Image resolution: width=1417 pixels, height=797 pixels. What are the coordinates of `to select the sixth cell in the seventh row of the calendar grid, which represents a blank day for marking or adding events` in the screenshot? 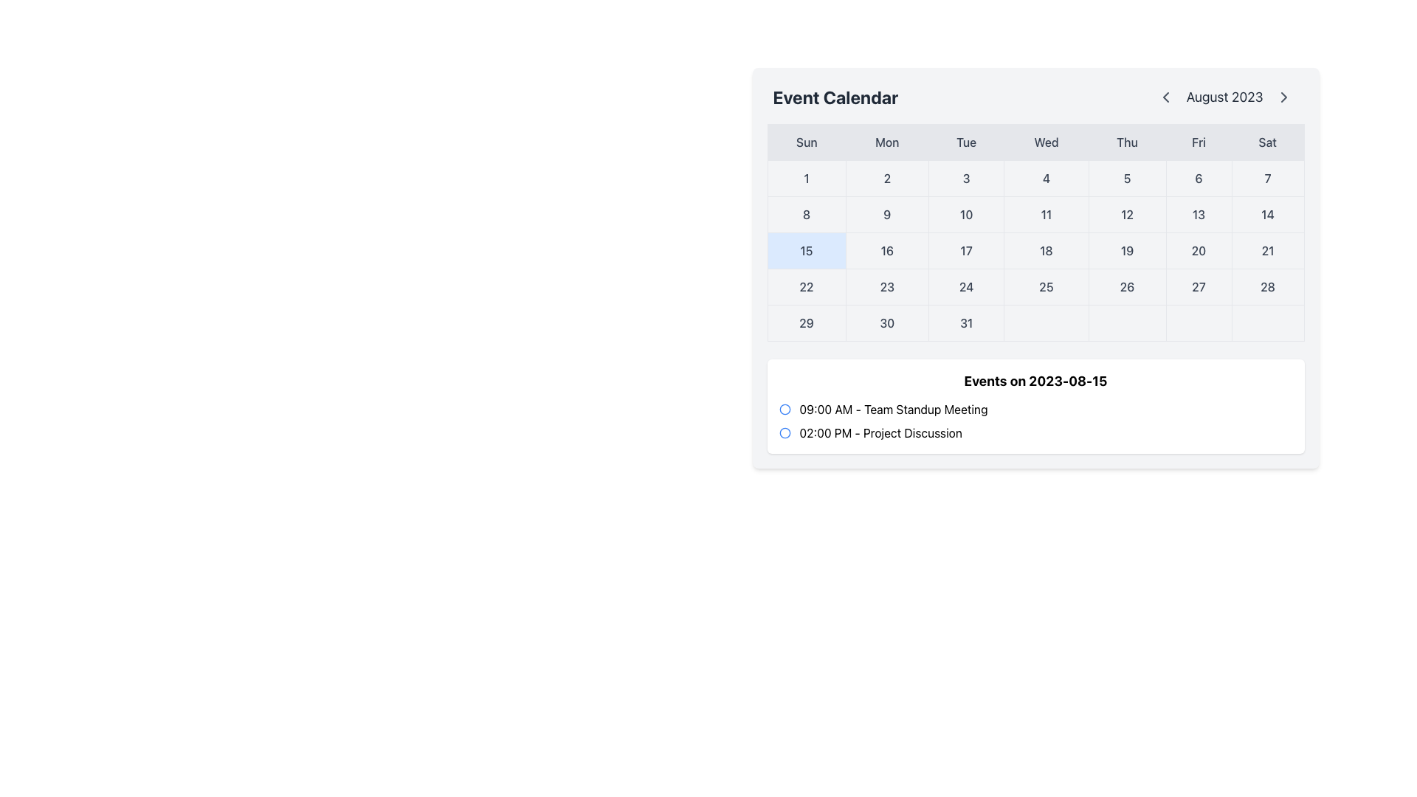 It's located at (1199, 322).